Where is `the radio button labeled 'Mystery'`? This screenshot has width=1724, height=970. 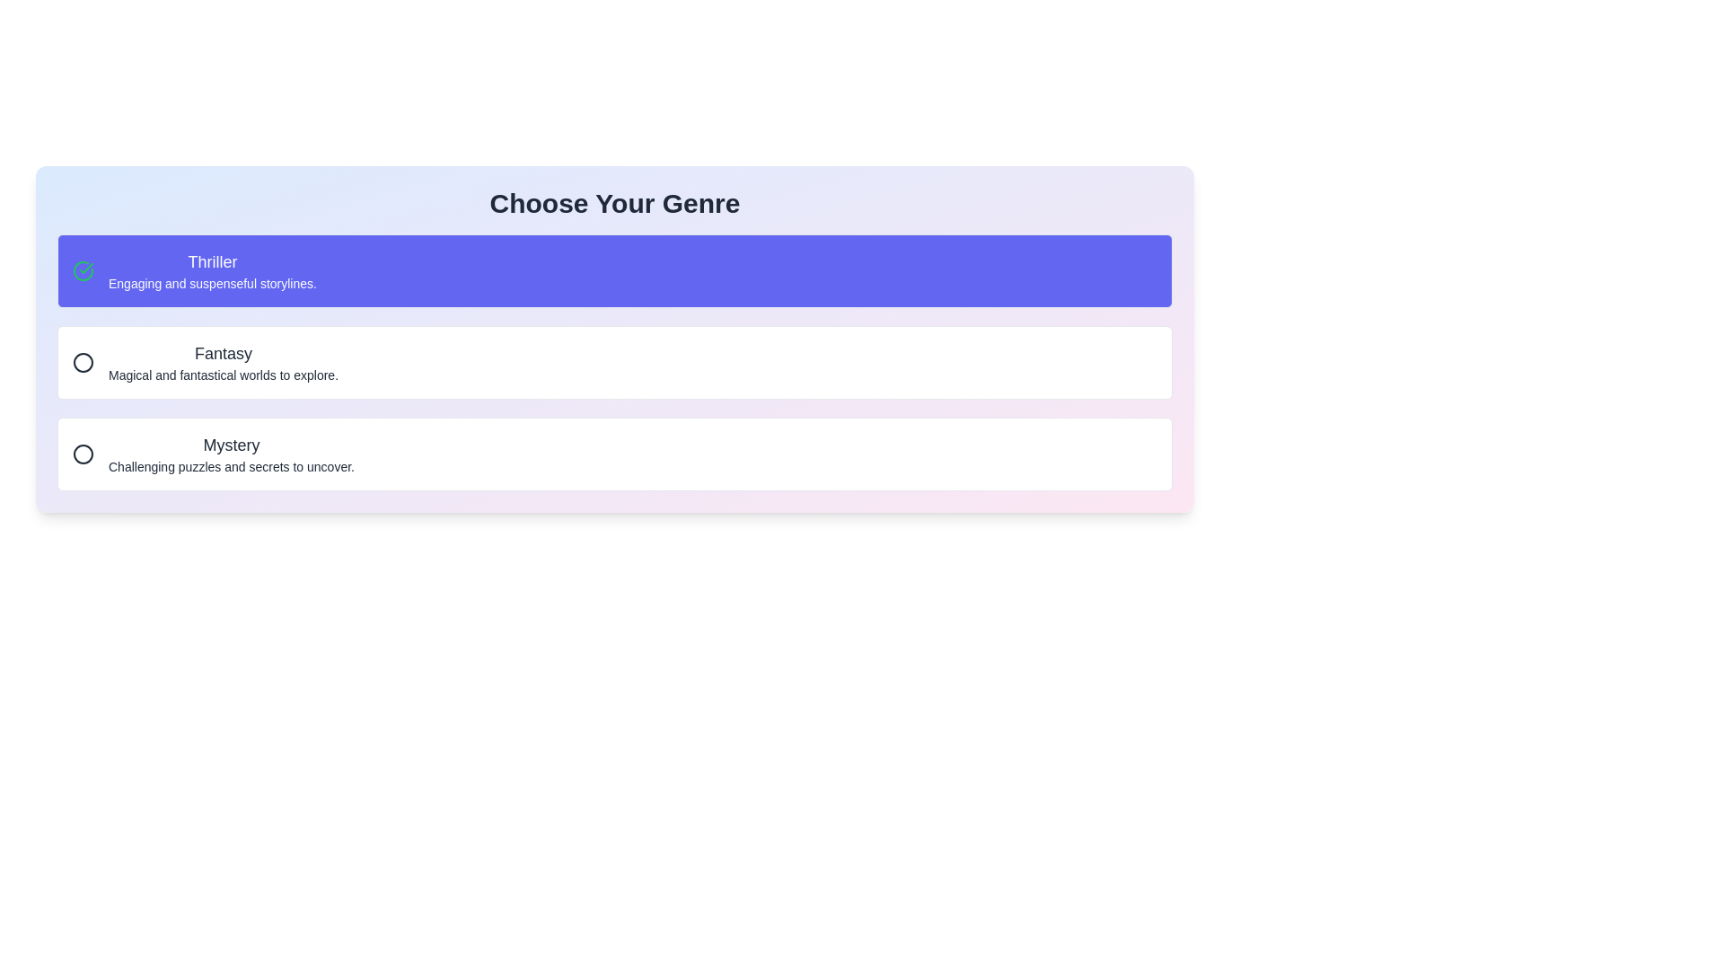
the radio button labeled 'Mystery' is located at coordinates (615, 453).